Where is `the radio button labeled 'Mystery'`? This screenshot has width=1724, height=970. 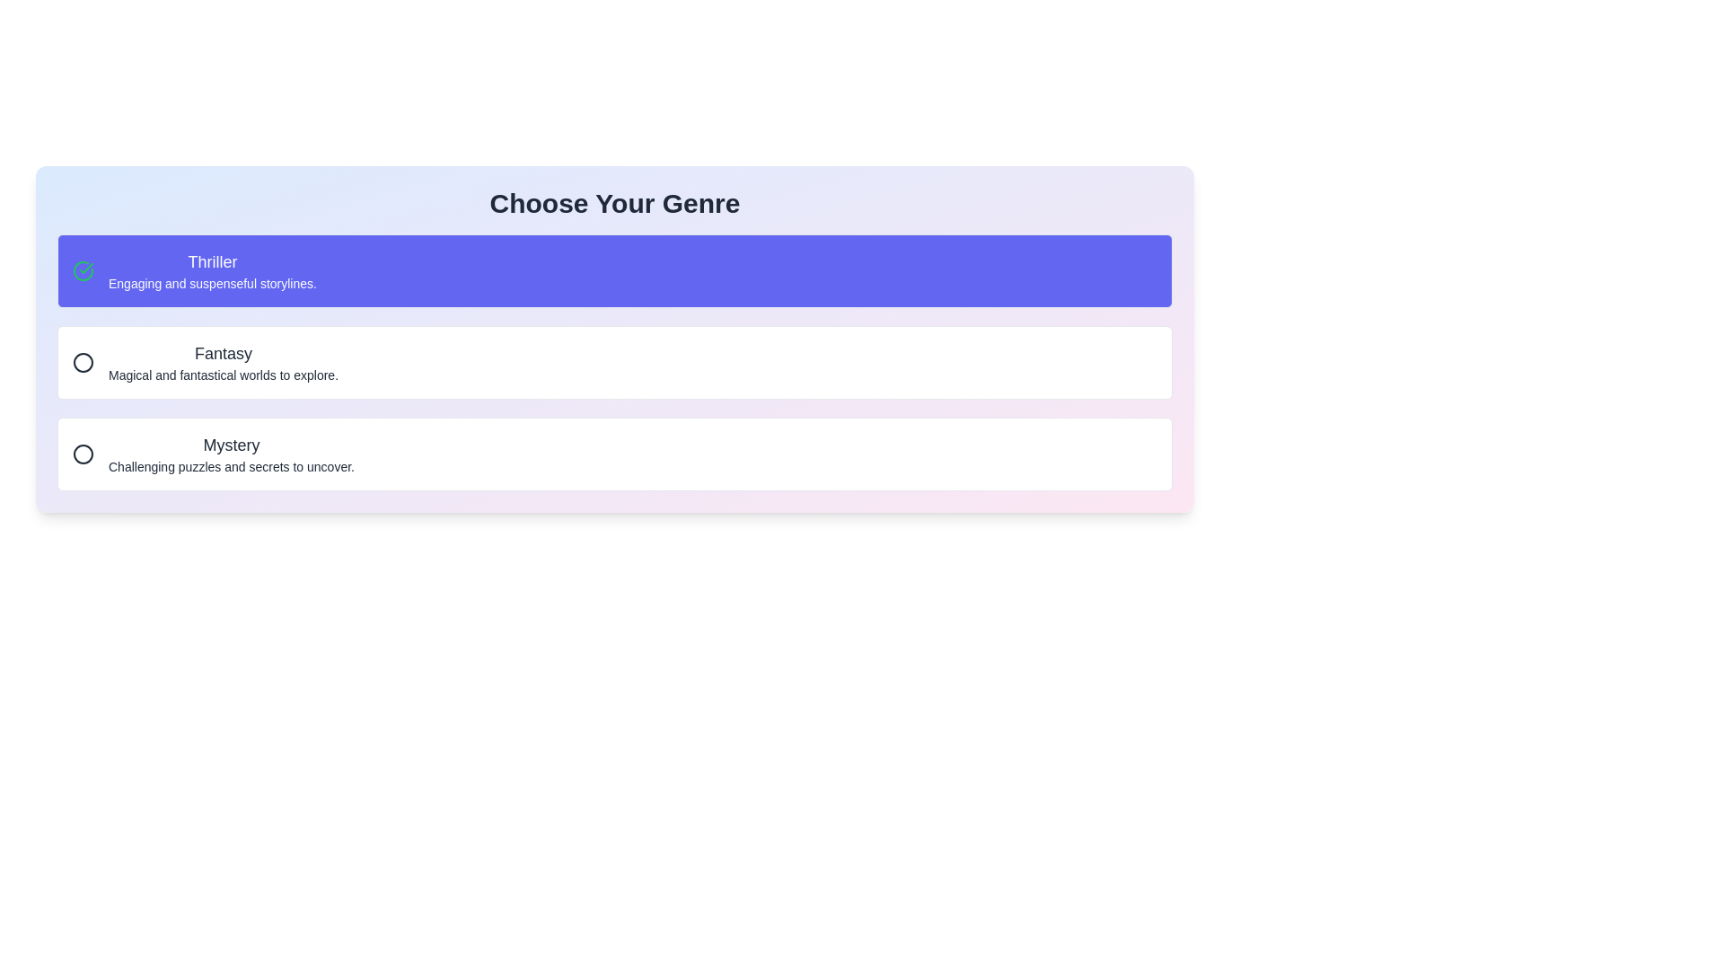
the radio button labeled 'Mystery' is located at coordinates (615, 453).